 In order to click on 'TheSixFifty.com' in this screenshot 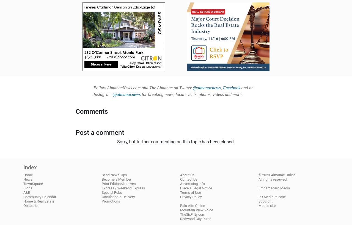, I will do `click(193, 214)`.